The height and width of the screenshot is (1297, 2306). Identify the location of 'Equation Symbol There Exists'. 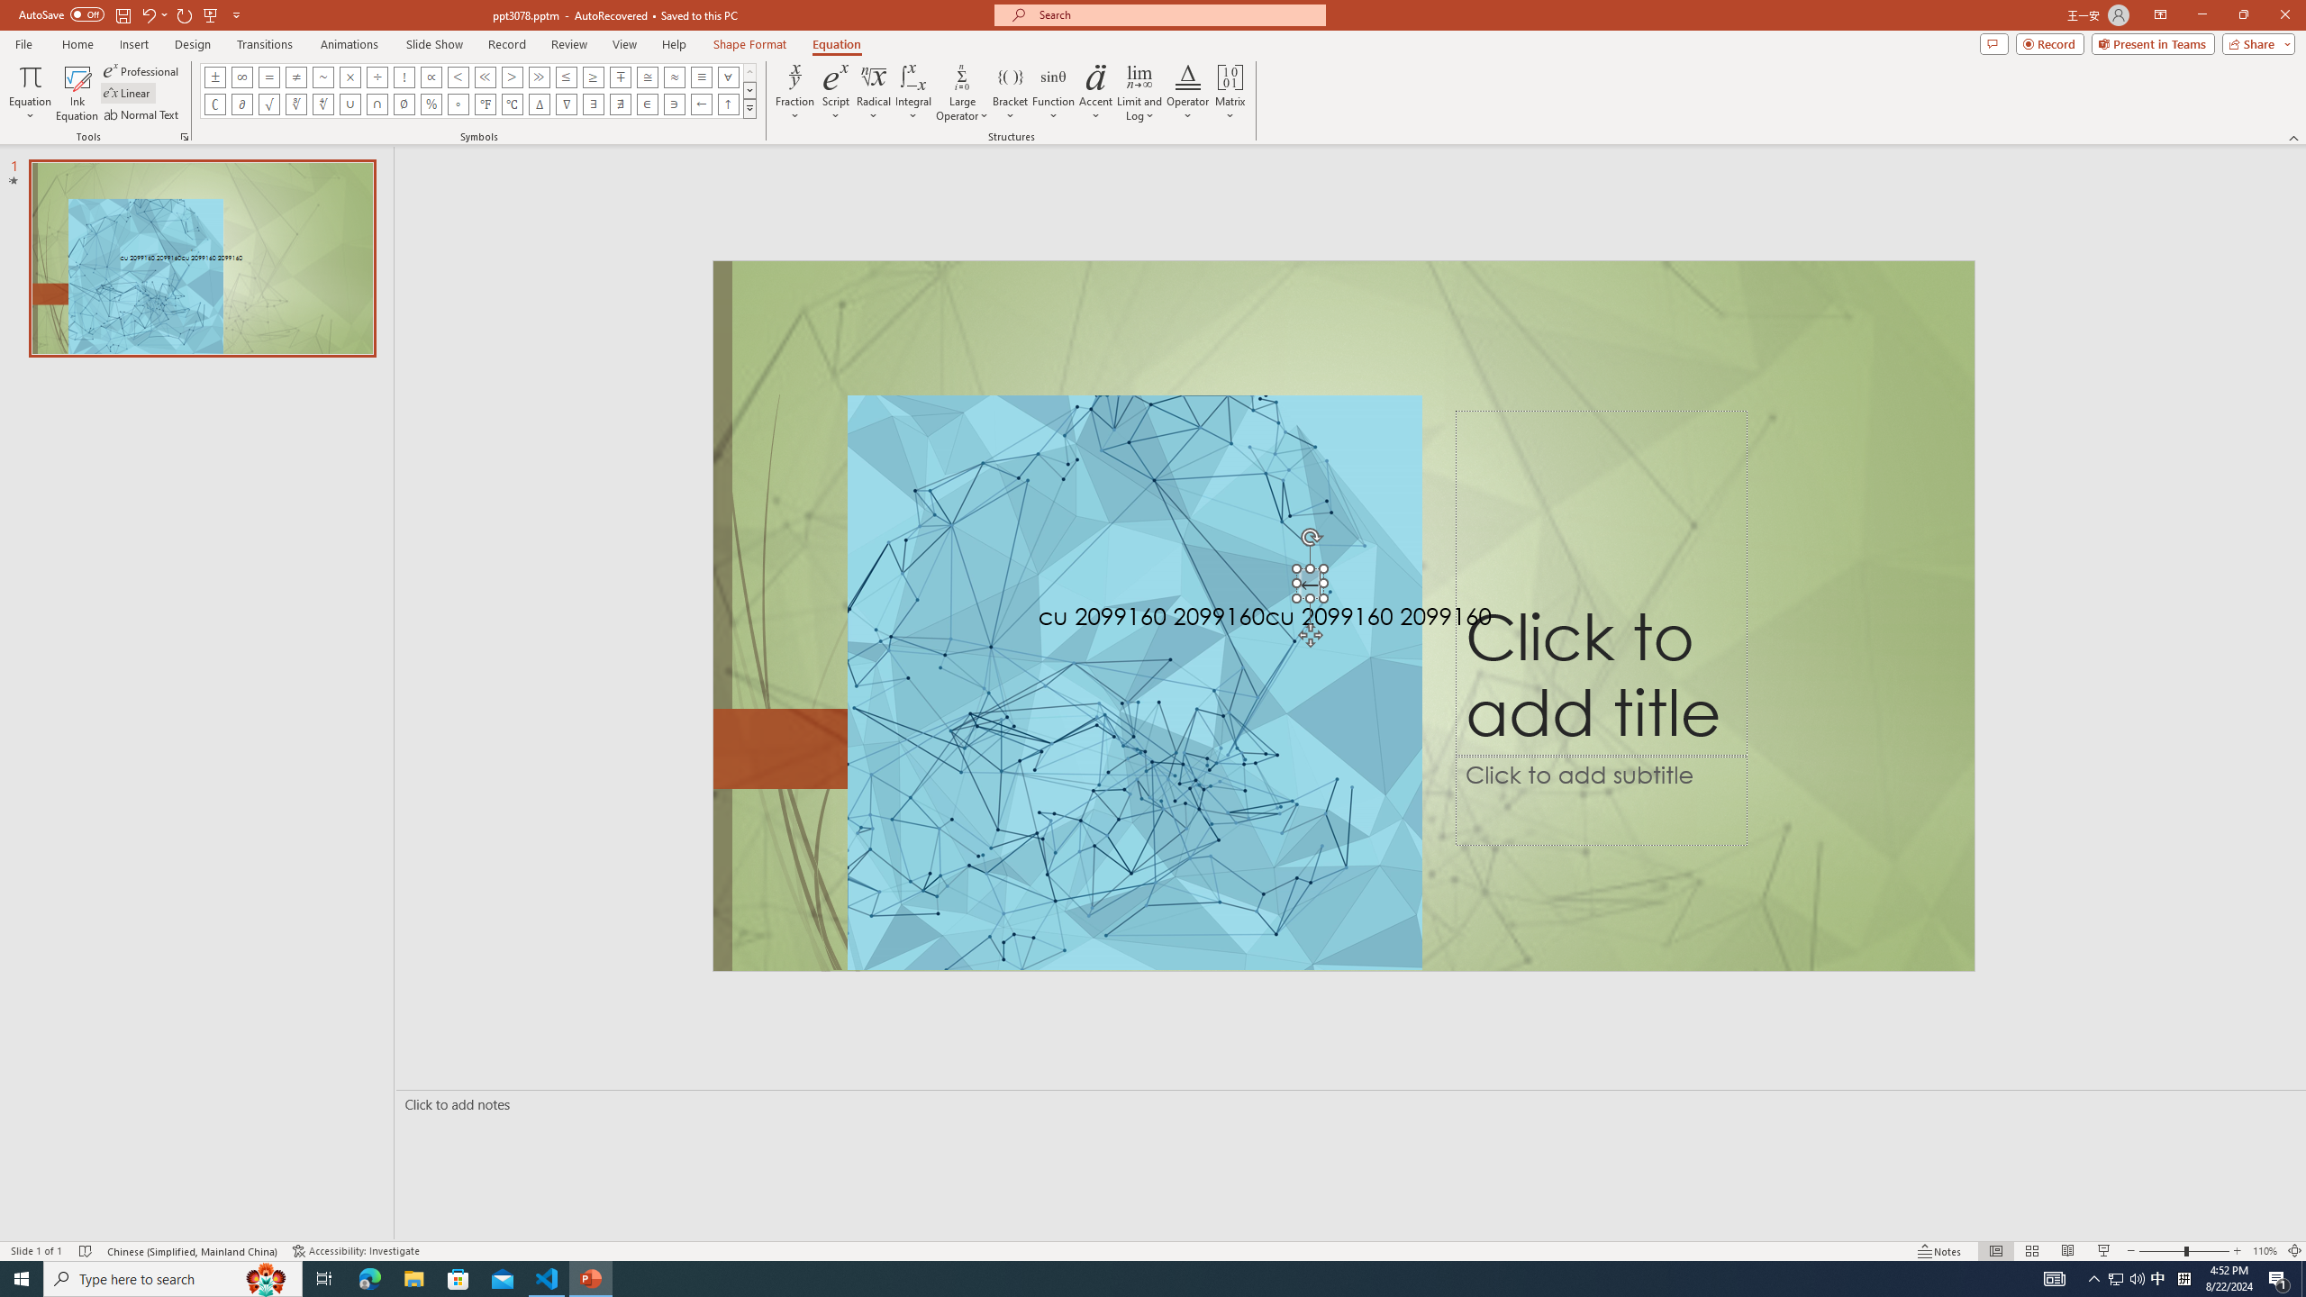
(594, 103).